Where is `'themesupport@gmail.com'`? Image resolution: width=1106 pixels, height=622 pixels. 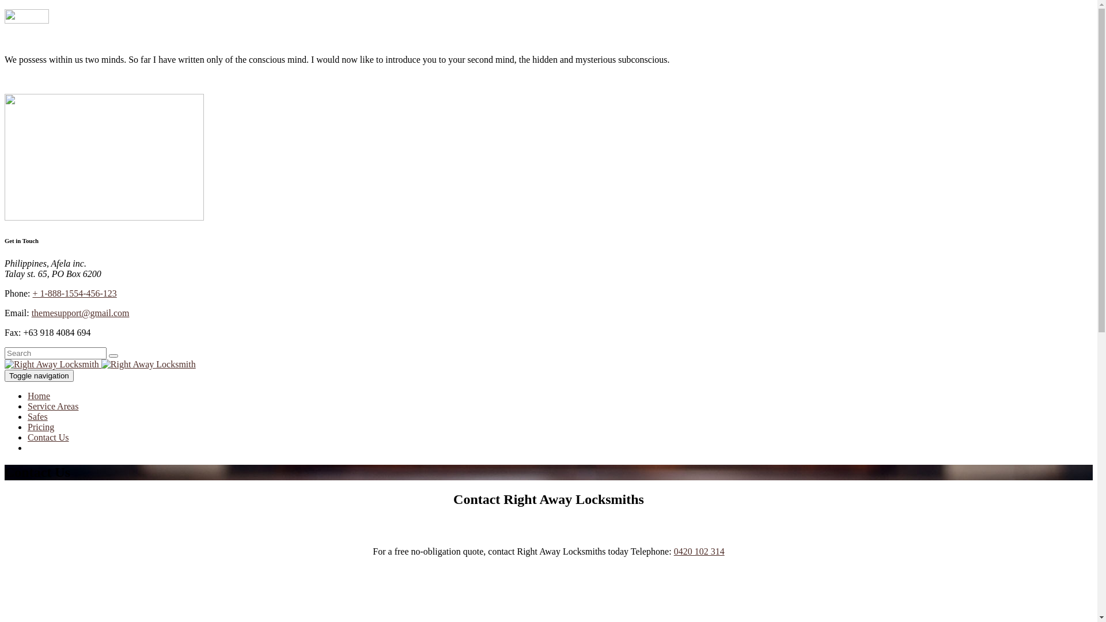 'themesupport@gmail.com' is located at coordinates (79, 313).